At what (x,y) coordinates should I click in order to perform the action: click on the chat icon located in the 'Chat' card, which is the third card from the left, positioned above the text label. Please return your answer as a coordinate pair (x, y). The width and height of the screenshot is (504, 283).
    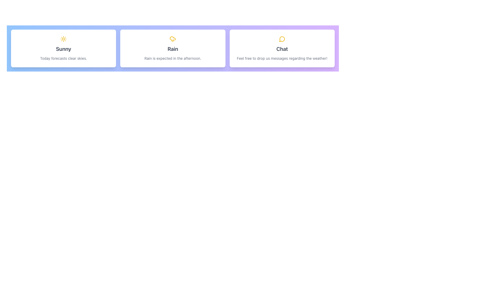
    Looking at the image, I should click on (282, 39).